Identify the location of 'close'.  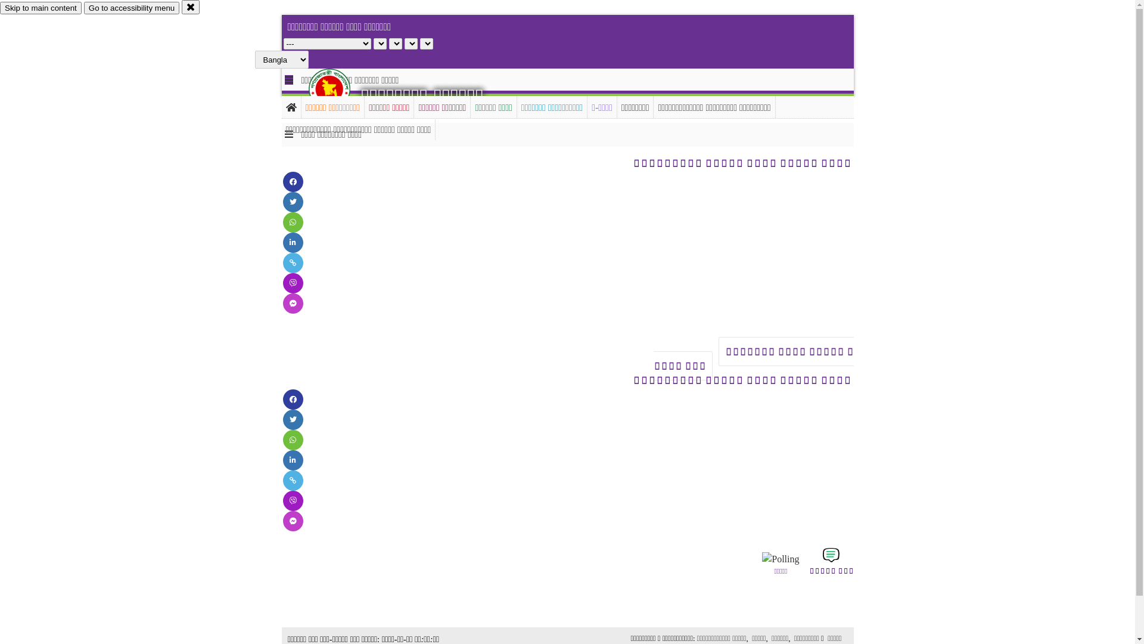
(191, 7).